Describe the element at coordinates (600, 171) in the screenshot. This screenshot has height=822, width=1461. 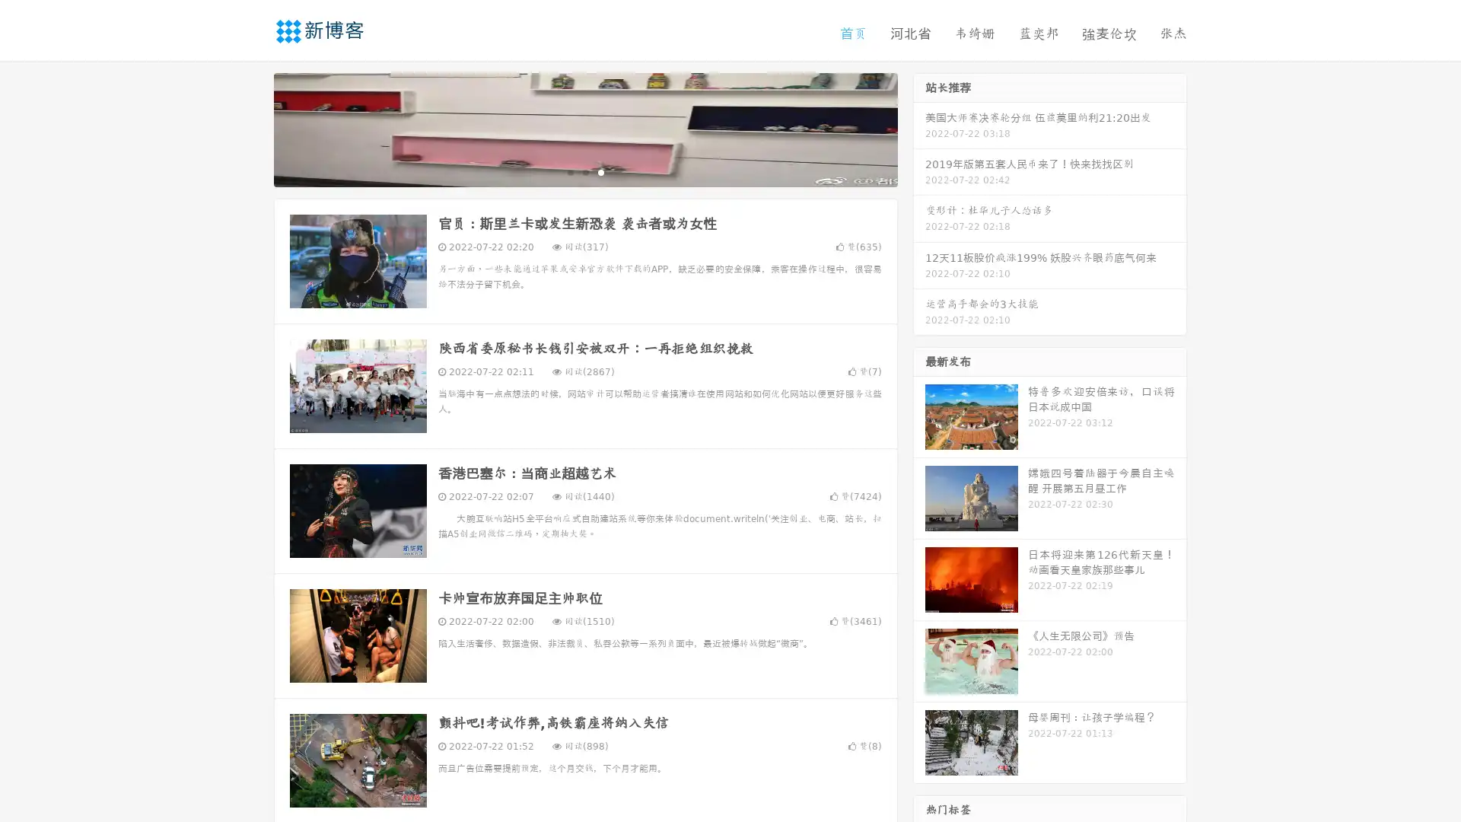
I see `Go to slide 3` at that location.